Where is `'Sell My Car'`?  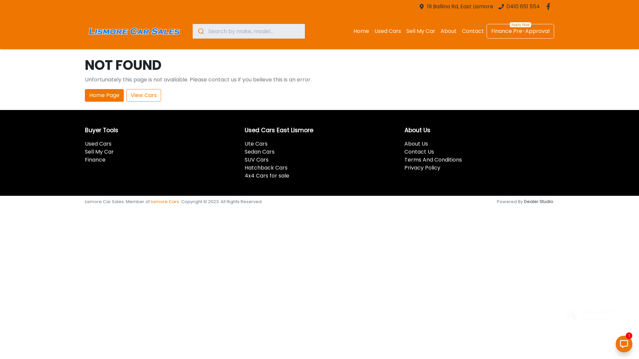 'Sell My Car' is located at coordinates (99, 152).